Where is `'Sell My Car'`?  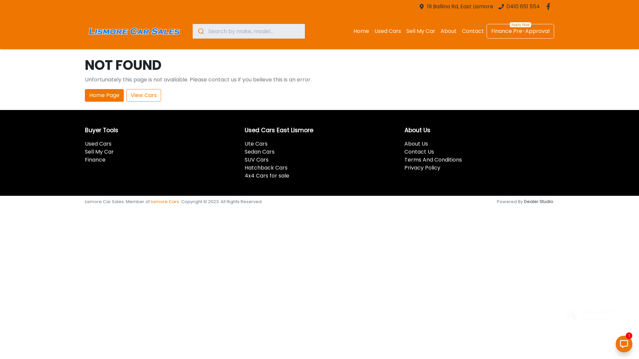 'Sell My Car' is located at coordinates (99, 152).